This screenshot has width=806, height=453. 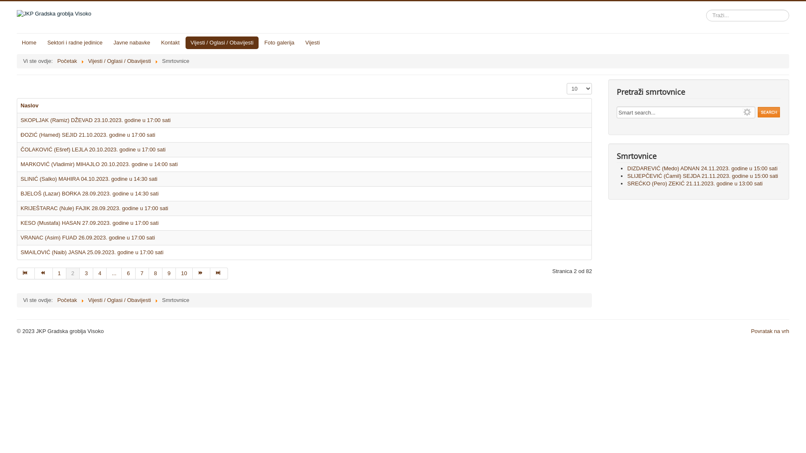 What do you see at coordinates (75, 42) in the screenshot?
I see `'Sektori i radne jedinice'` at bounding box center [75, 42].